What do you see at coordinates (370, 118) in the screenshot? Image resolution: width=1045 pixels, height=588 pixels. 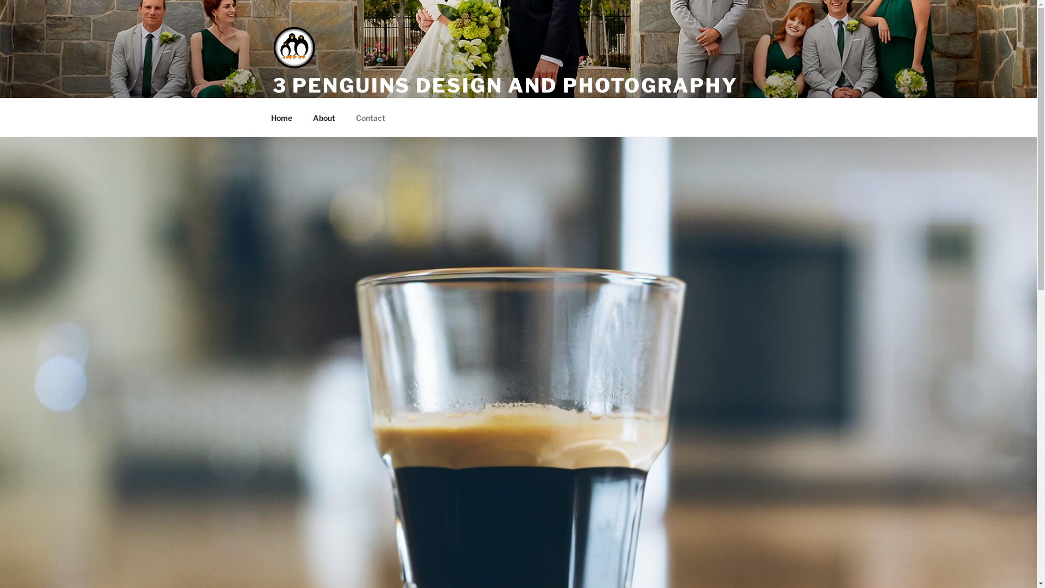 I see `'Contact'` at bounding box center [370, 118].